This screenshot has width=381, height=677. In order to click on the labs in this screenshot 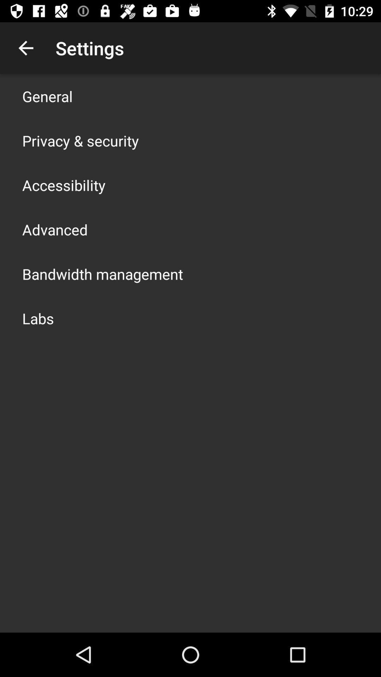, I will do `click(38, 318)`.